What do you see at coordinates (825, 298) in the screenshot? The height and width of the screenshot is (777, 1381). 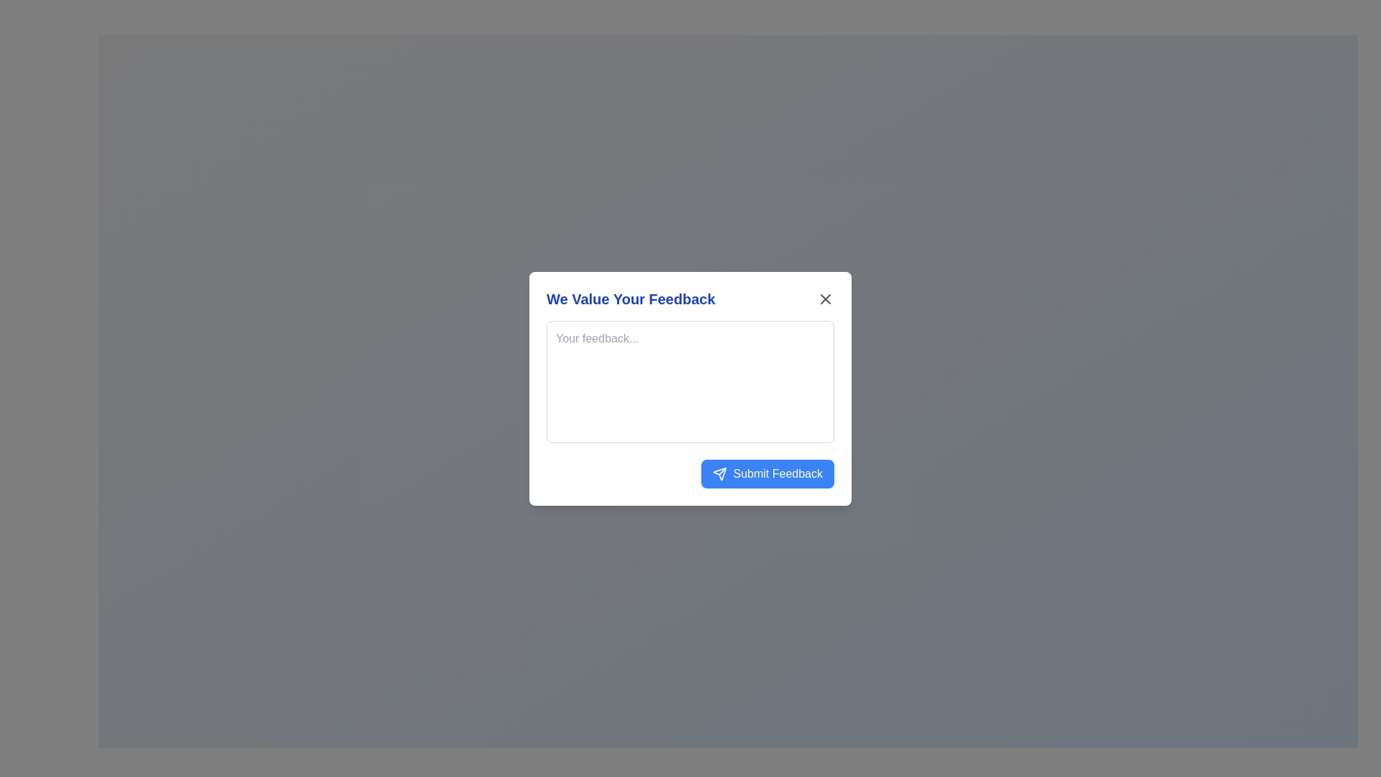 I see `the close button located in the top-right corner of the feedback modal` at bounding box center [825, 298].